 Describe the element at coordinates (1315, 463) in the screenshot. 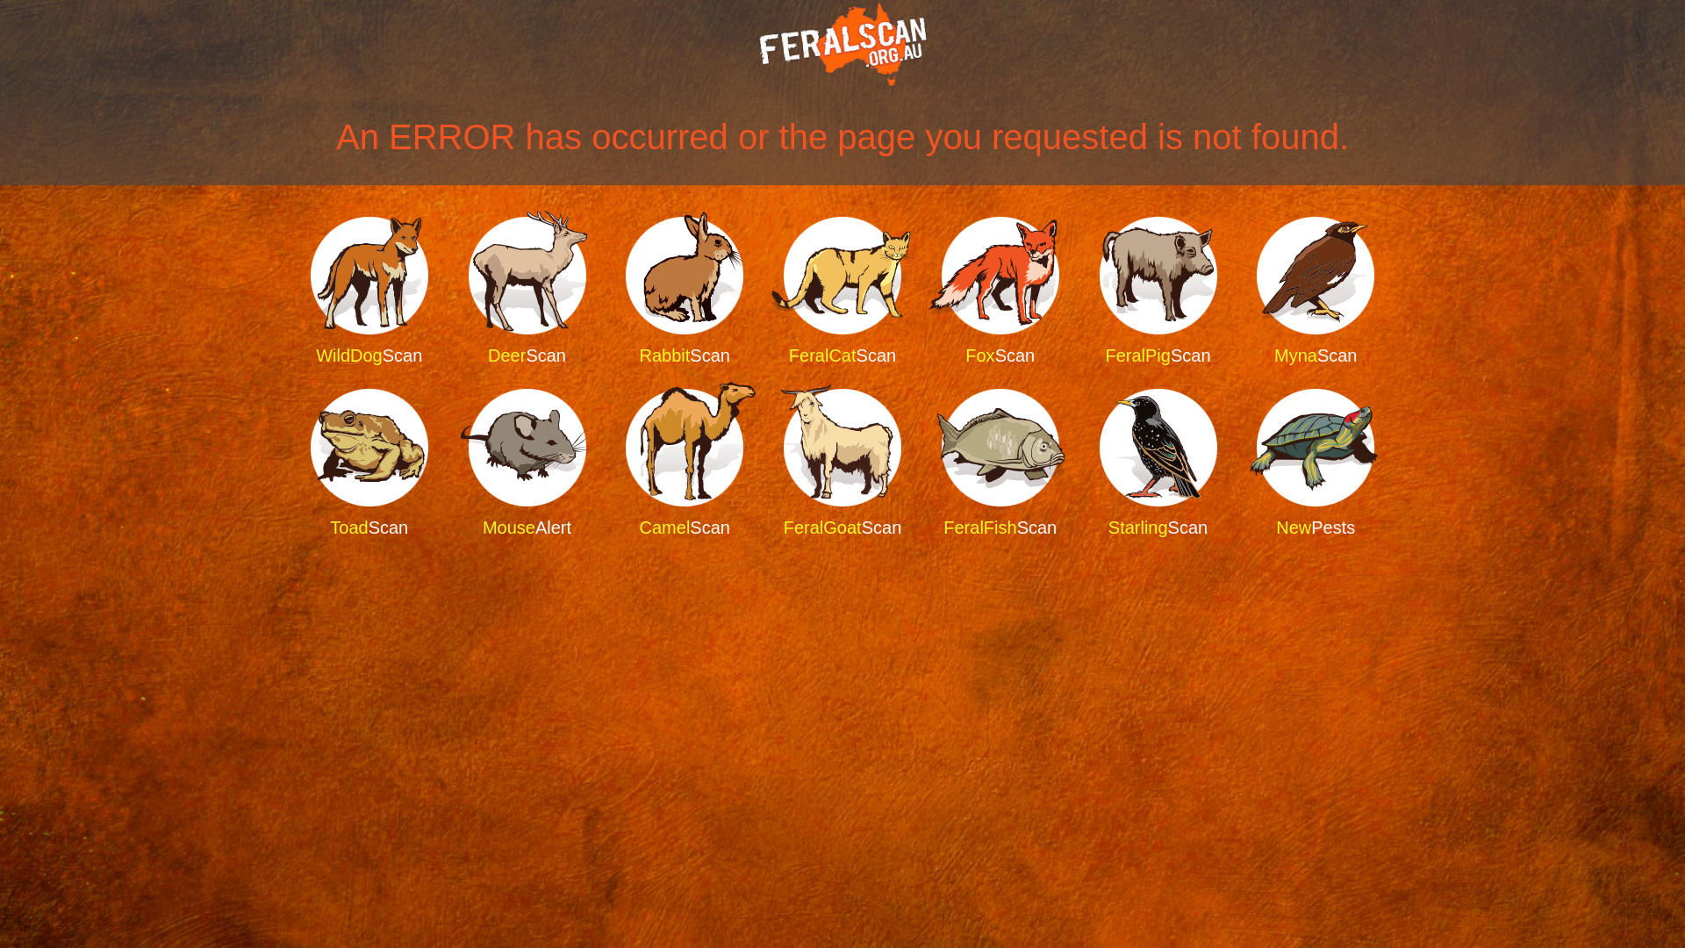

I see `'NewPests'` at that location.